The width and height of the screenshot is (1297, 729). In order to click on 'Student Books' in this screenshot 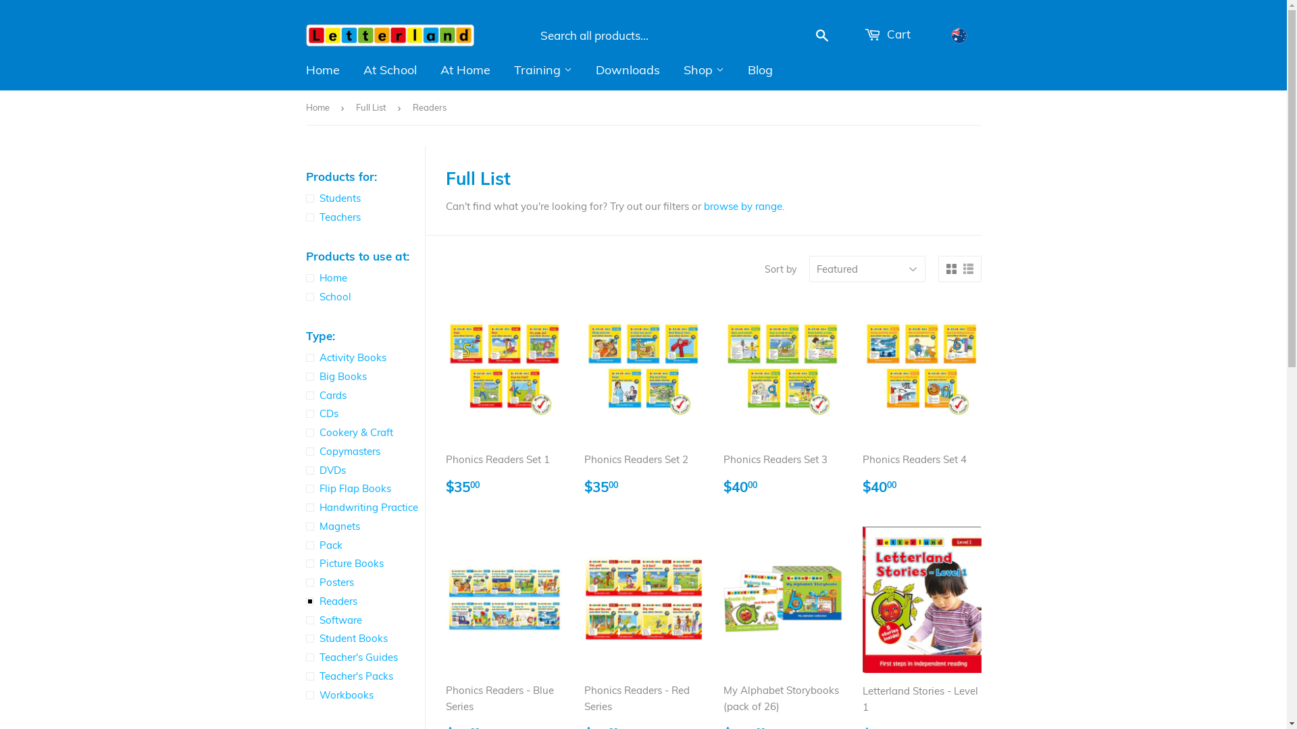, I will do `click(304, 638)`.